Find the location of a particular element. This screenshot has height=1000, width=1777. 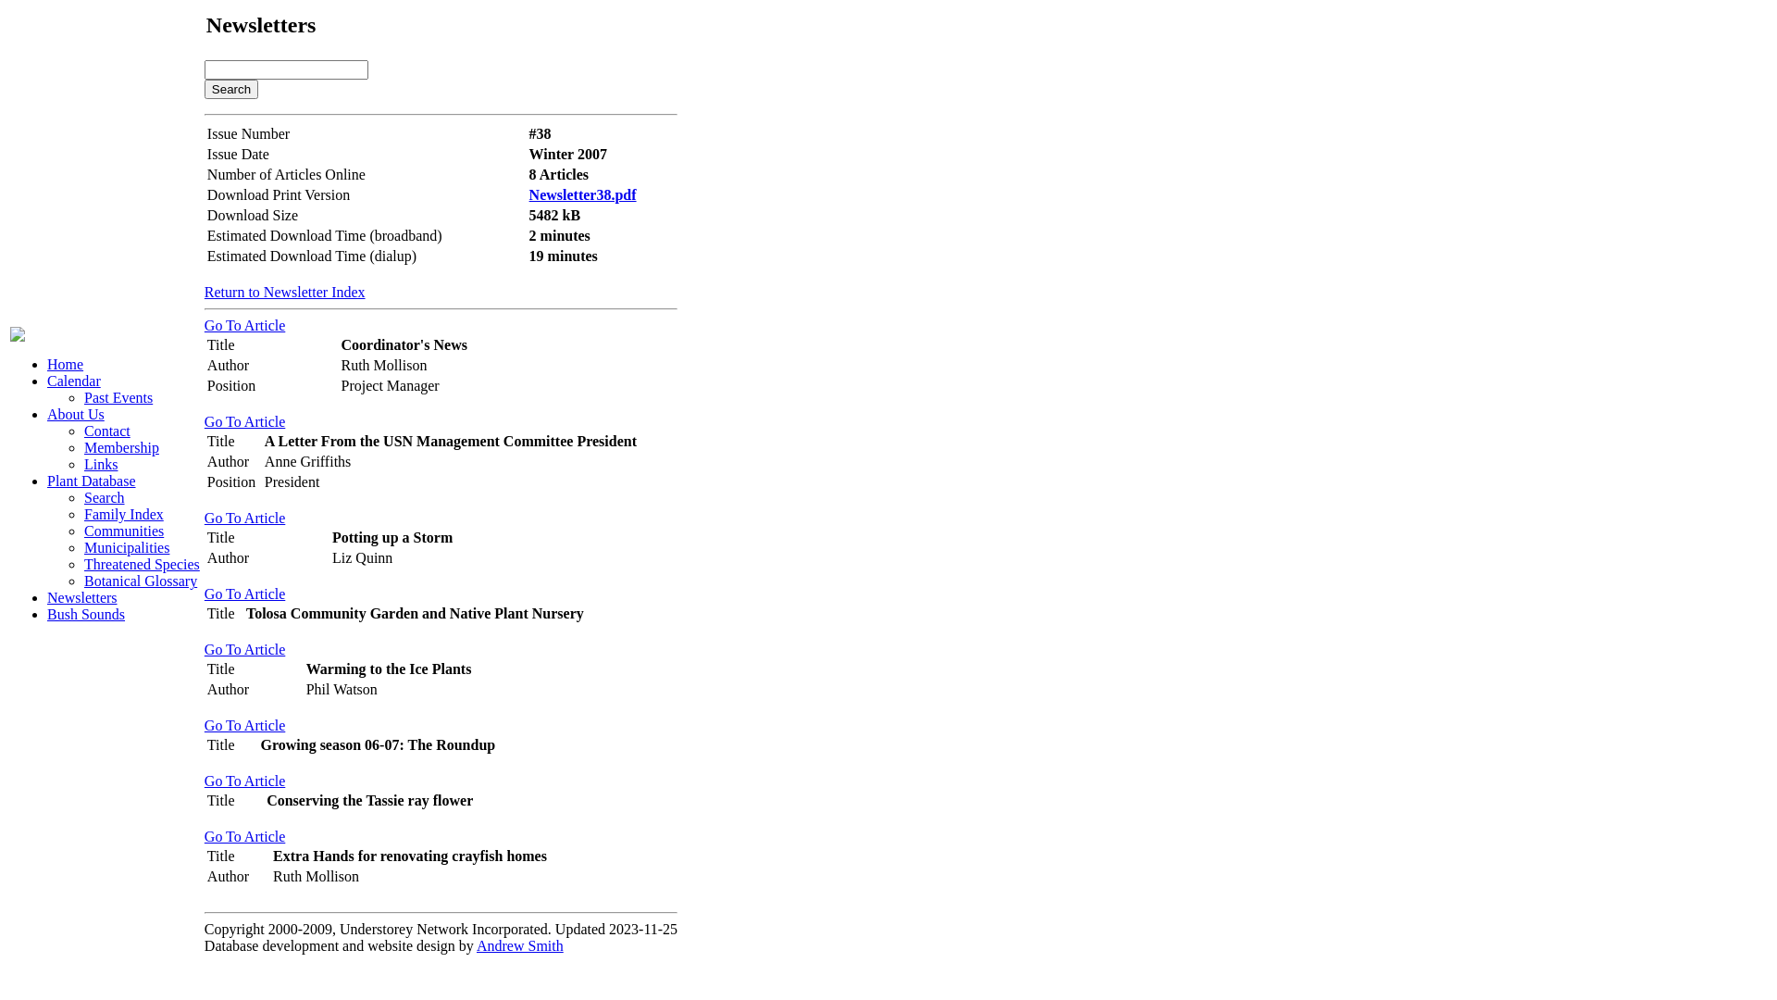

'Calendar' is located at coordinates (74, 380).